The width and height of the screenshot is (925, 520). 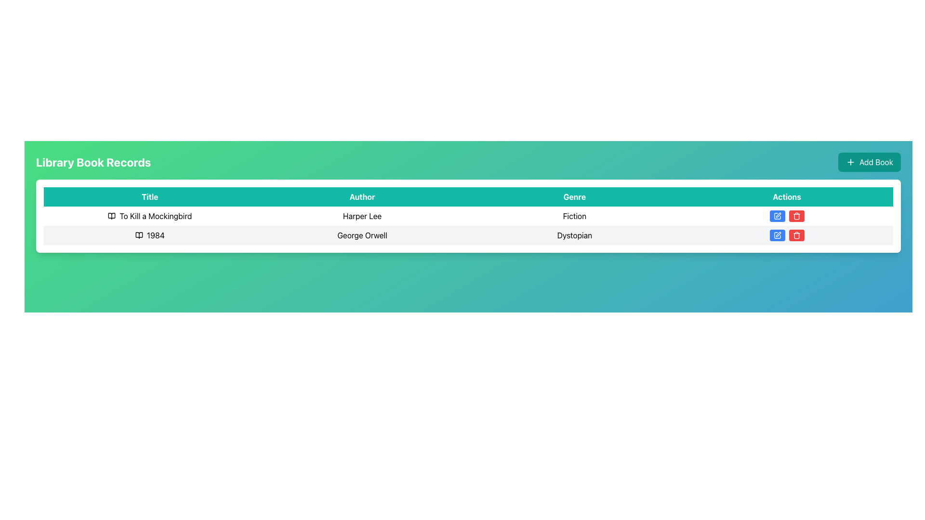 I want to click on the Text Label with Icon displaying the title '1984', which includes a book icon to the left, to interact with associated components, so click(x=149, y=235).